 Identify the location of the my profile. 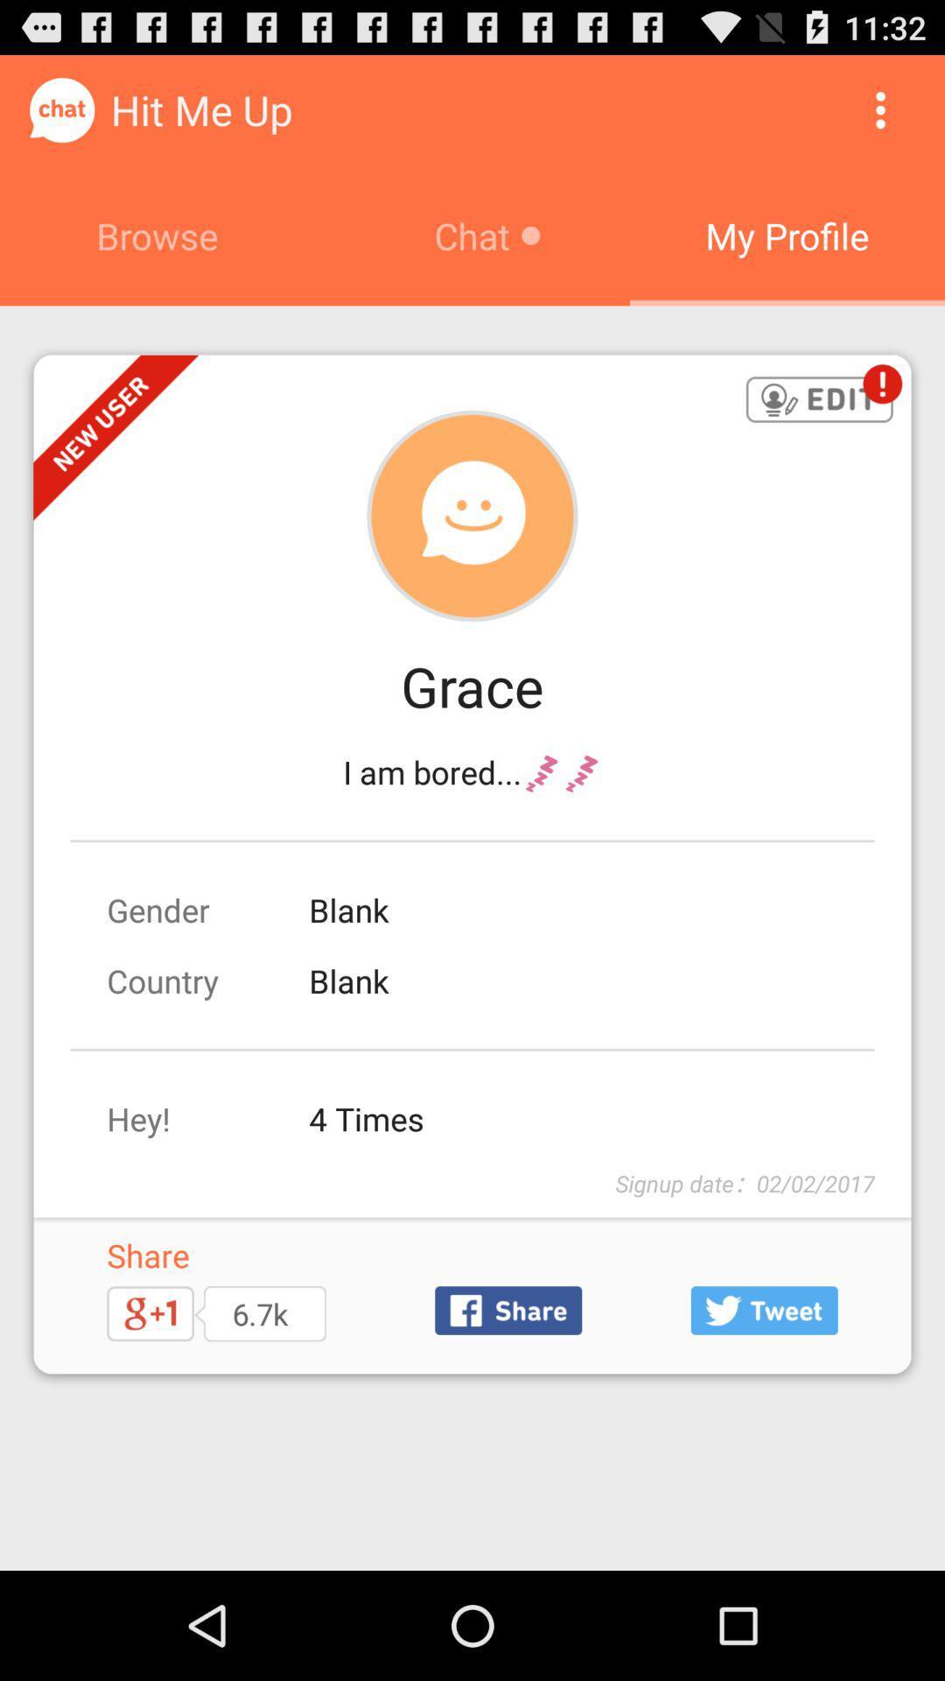
(786, 235).